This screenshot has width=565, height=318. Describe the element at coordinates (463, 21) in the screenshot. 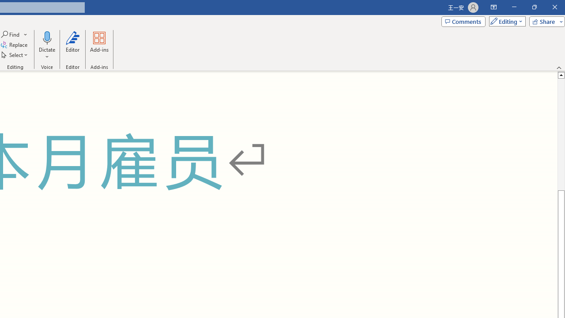

I see `'Comments'` at that location.